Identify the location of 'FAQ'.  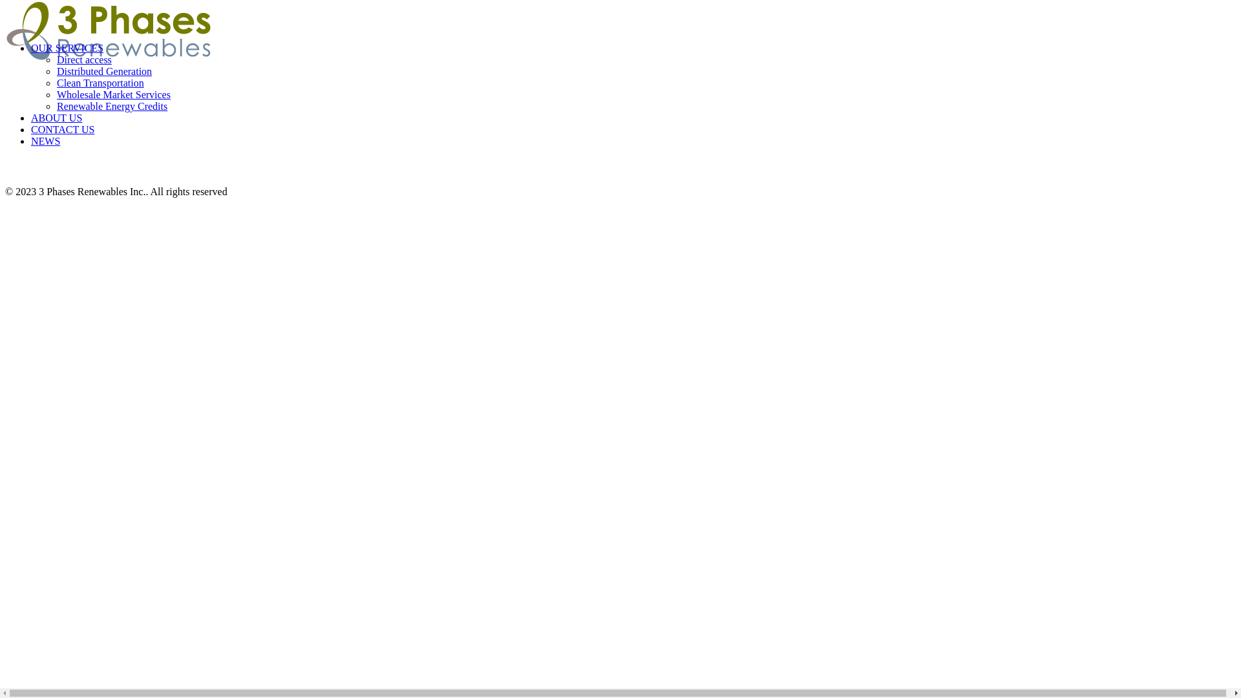
(626, 147).